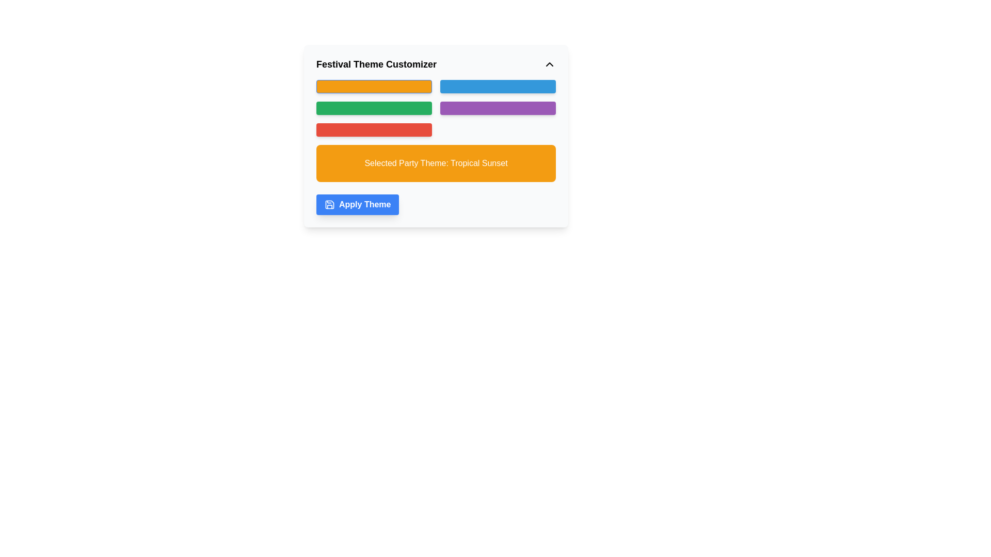 The width and height of the screenshot is (991, 557). Describe the element at coordinates (436, 162) in the screenshot. I see `the Text Display Box that has a vibrant orange background and contains the text 'Selected Party Theme: Tropical Sunset', positioned within the 'Festival Theme Customizer' panel` at that location.